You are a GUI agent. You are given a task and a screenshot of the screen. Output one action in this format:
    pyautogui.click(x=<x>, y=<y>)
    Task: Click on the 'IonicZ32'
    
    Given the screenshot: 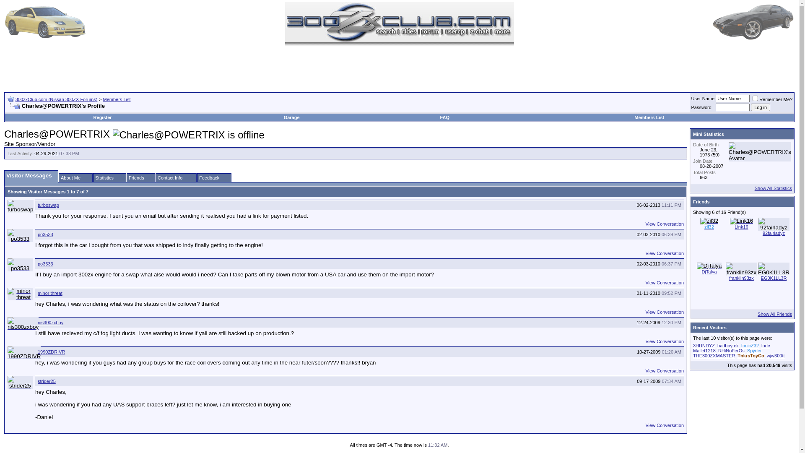 What is the action you would take?
    pyautogui.click(x=750, y=346)
    